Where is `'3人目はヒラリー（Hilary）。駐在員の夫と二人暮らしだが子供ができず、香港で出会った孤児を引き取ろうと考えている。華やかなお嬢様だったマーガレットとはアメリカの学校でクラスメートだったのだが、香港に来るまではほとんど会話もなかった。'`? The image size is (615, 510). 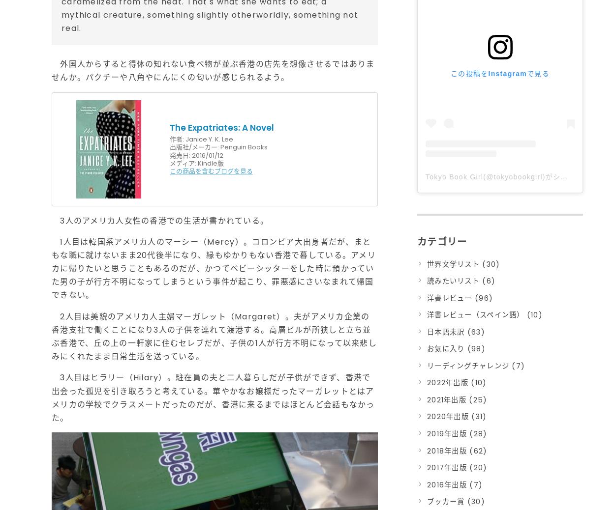
'3人目はヒラリー（Hilary）。駐在員の夫と二人暮らしだが子供ができず、香港で出会った孤児を引き取ろうと考えている。華やかなお嬢様だったマーガレットとはアメリカの学校でクラスメートだったのだが、香港に来るまではほとんど会話もなかった。' is located at coordinates (213, 397).